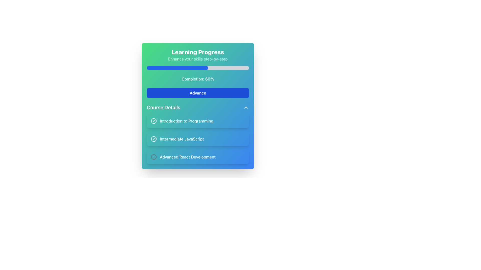 Image resolution: width=481 pixels, height=270 pixels. Describe the element at coordinates (154, 139) in the screenshot. I see `the checkmark icon inside a circle, which is located next to the text 'Intermediate JavaScript' in the 'Course Details' section` at that location.